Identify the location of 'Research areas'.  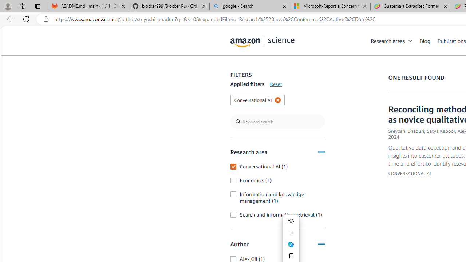
(387, 40).